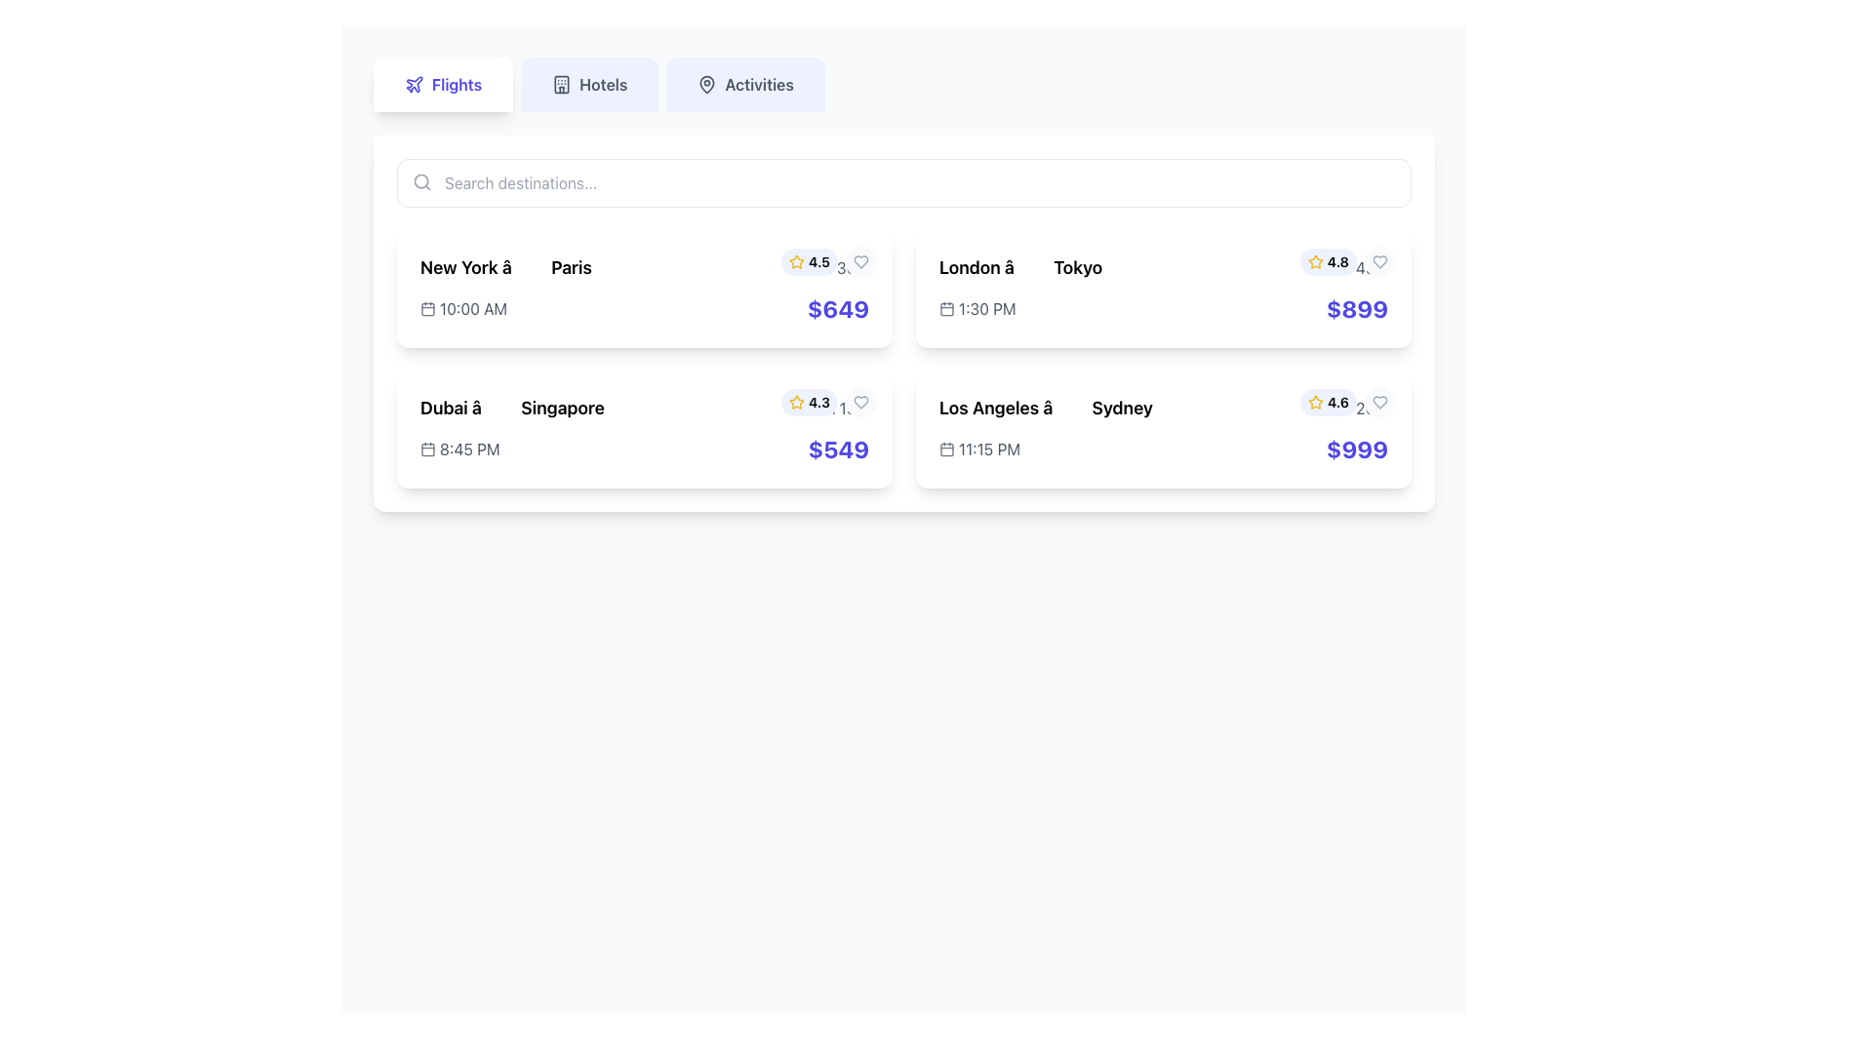  Describe the element at coordinates (796, 401) in the screenshot. I see `the star icon representing the rating system located in the second card of the first row, next to the price and above the '$649' label` at that location.